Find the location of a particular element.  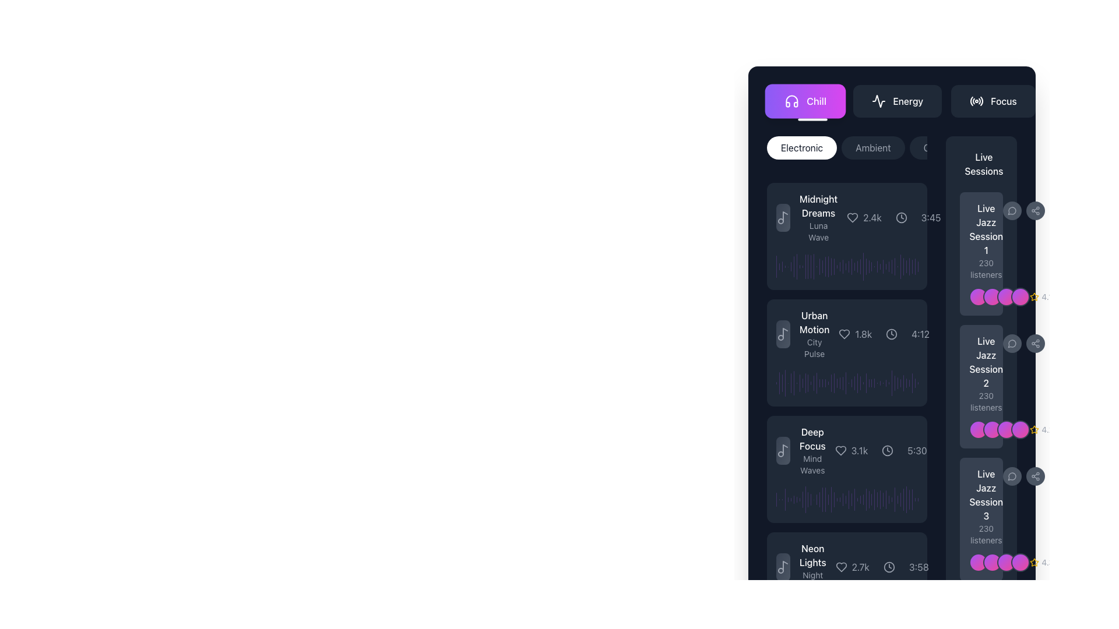

the 65th graphical indicator bar component, which is vertically aligned with the 'Deep Focus' label is located at coordinates (903, 499).